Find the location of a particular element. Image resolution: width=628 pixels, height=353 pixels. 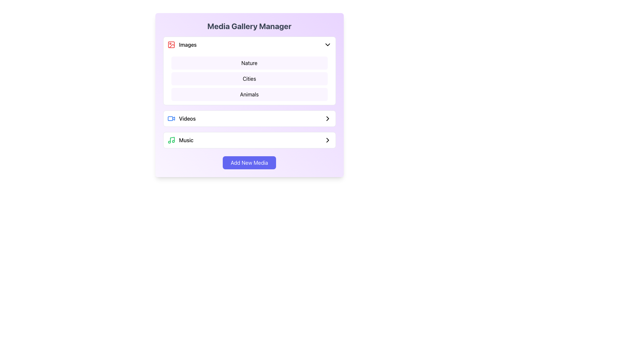

the 'Nature' button, which is the topmost button in the 'Images' section, distinguished by its light purple background and black text is located at coordinates (249, 63).